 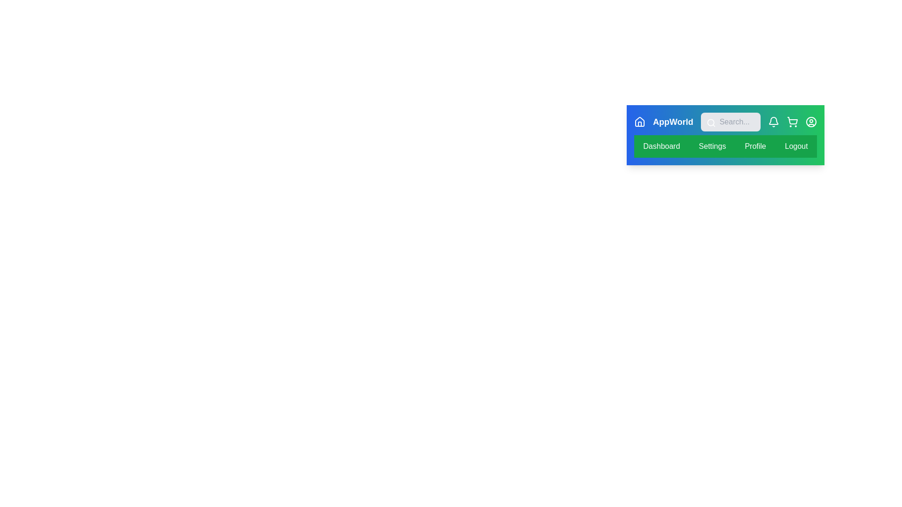 What do you see at coordinates (796, 146) in the screenshot?
I see `the navigation item Logout to navigate to the corresponding section` at bounding box center [796, 146].